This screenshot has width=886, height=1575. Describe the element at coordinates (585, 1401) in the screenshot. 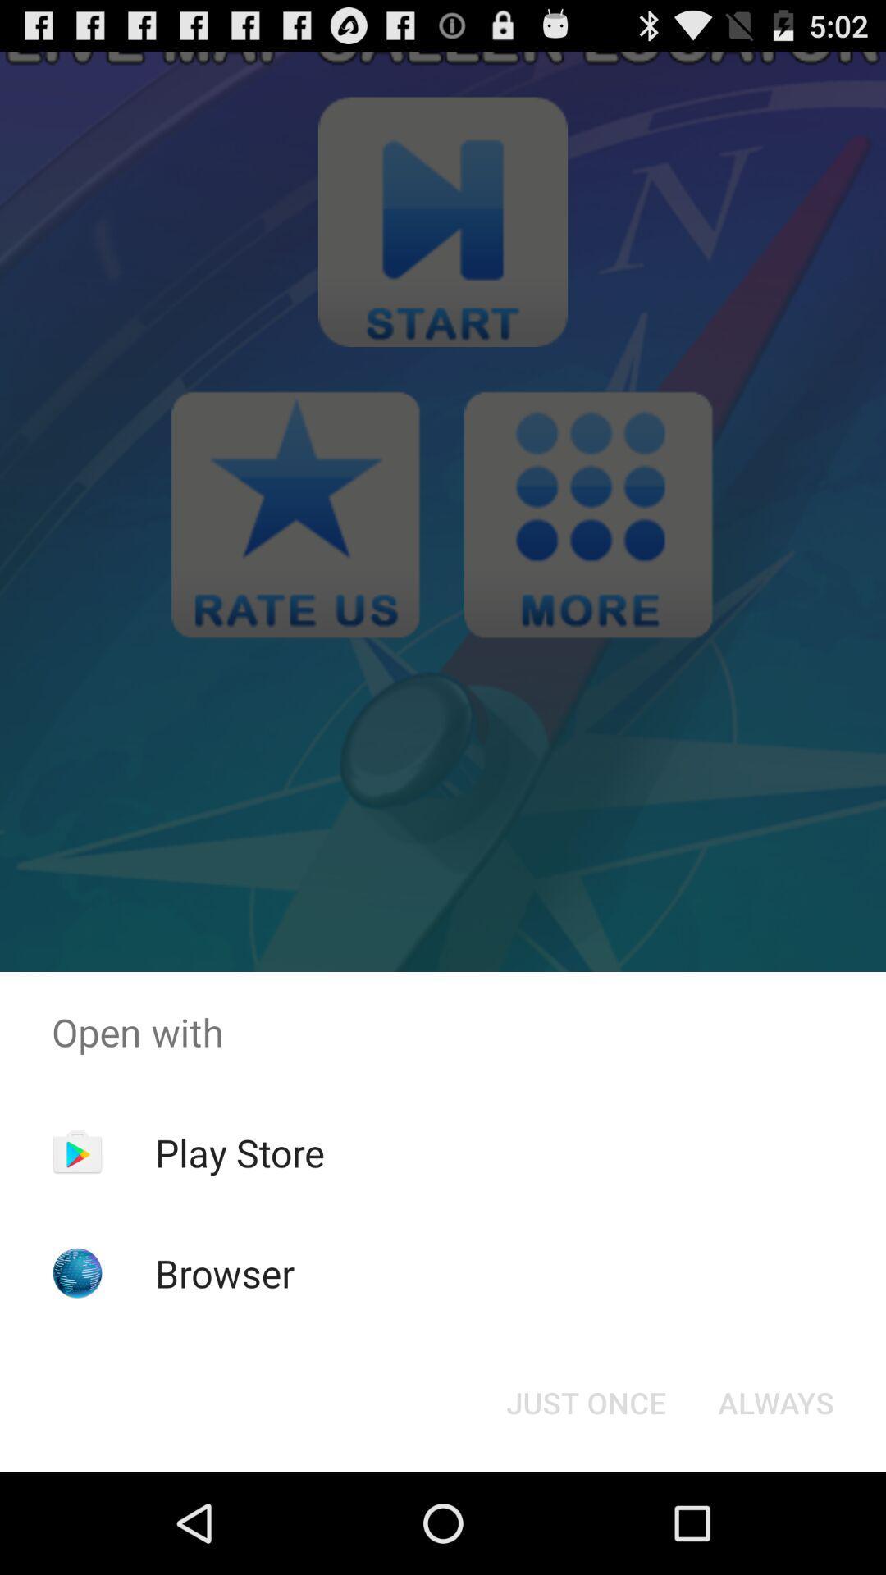

I see `just once icon` at that location.